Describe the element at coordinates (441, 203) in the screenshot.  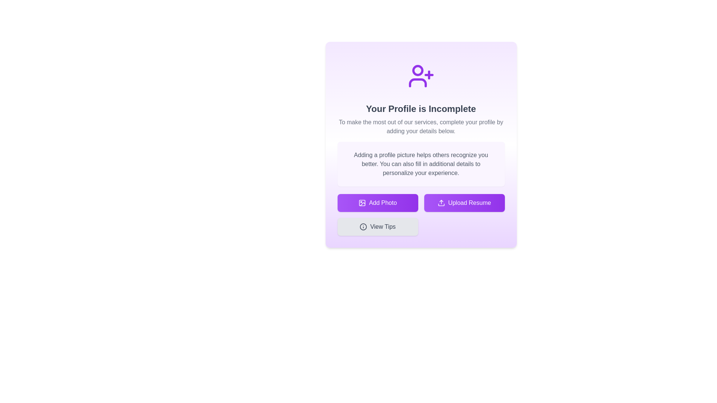
I see `the 'Upload' icon located to the left of the 'Upload Resume' label, which signifies the 'Upload' action` at that location.